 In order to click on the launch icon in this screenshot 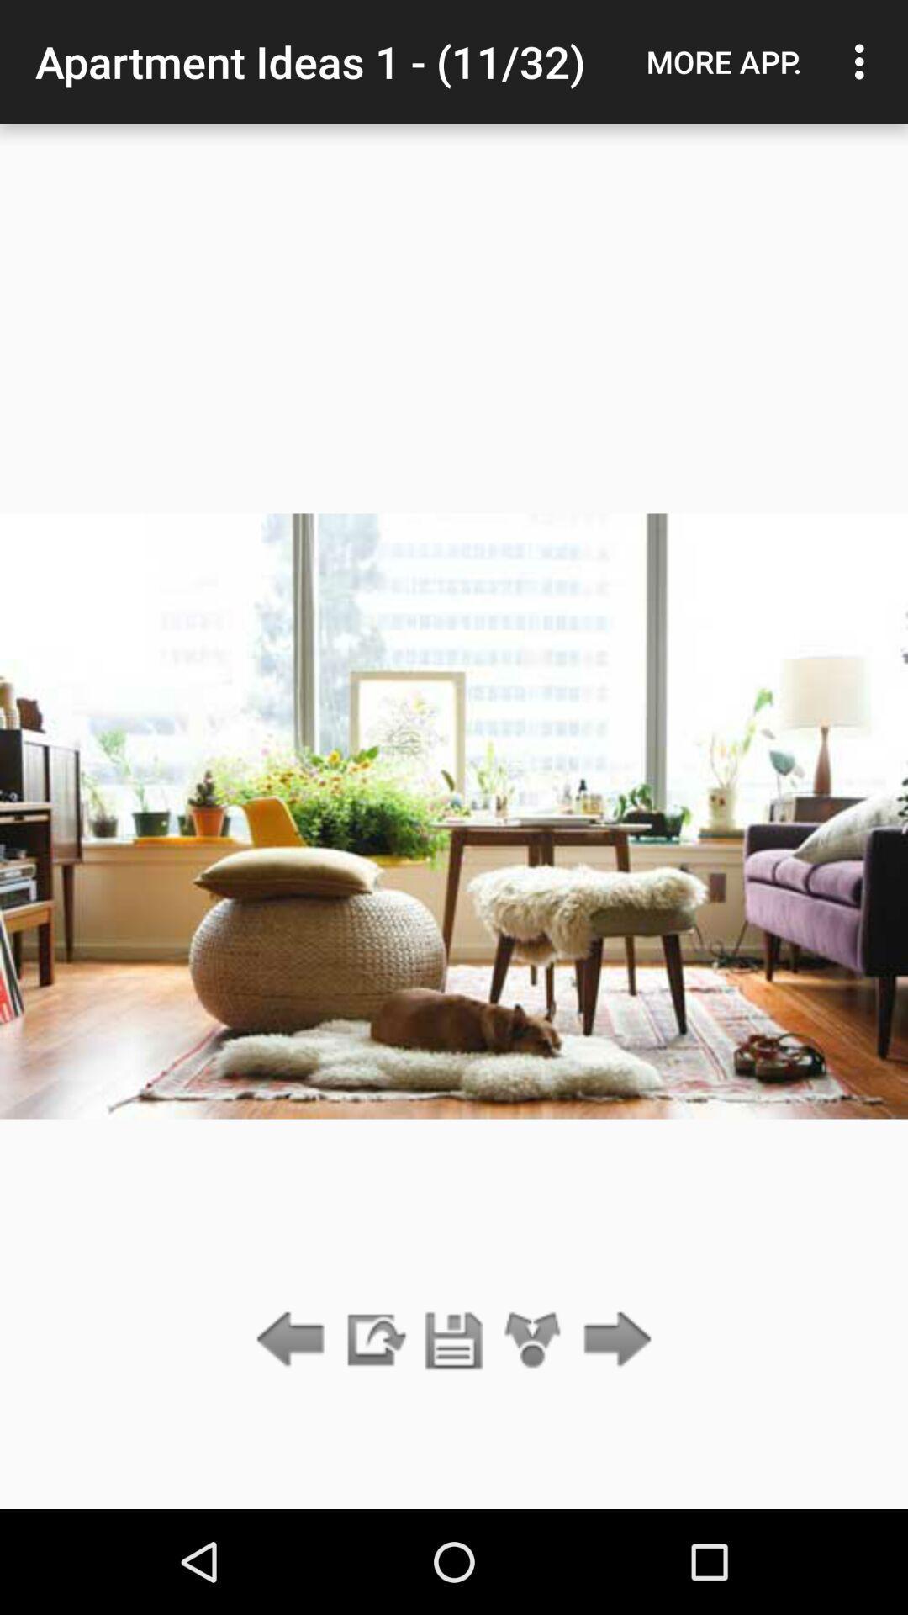, I will do `click(373, 1340)`.